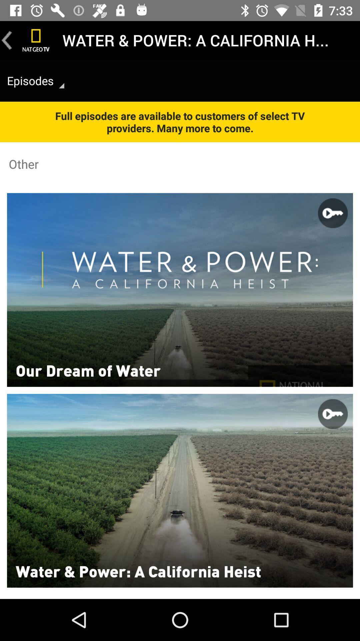  I want to click on the icon above episodes icon, so click(36, 40).